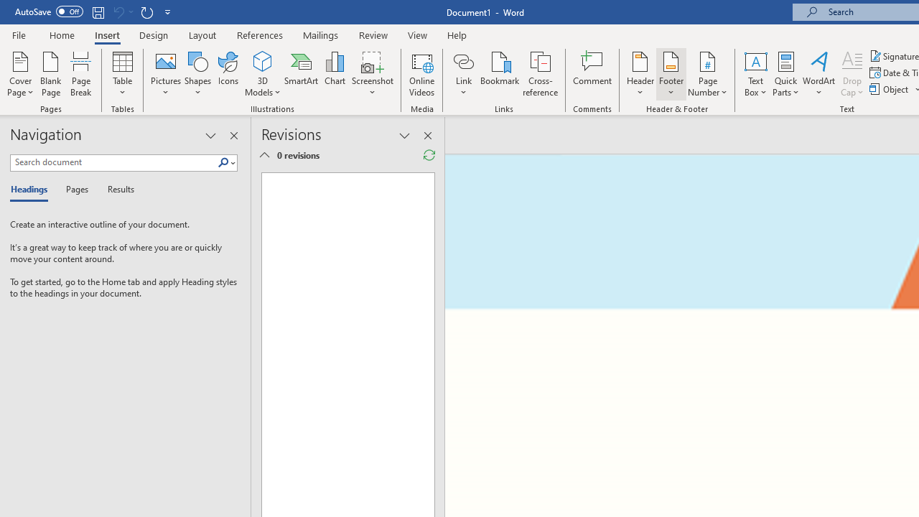 The image size is (919, 517). What do you see at coordinates (122, 11) in the screenshot?
I see `'Can'` at bounding box center [122, 11].